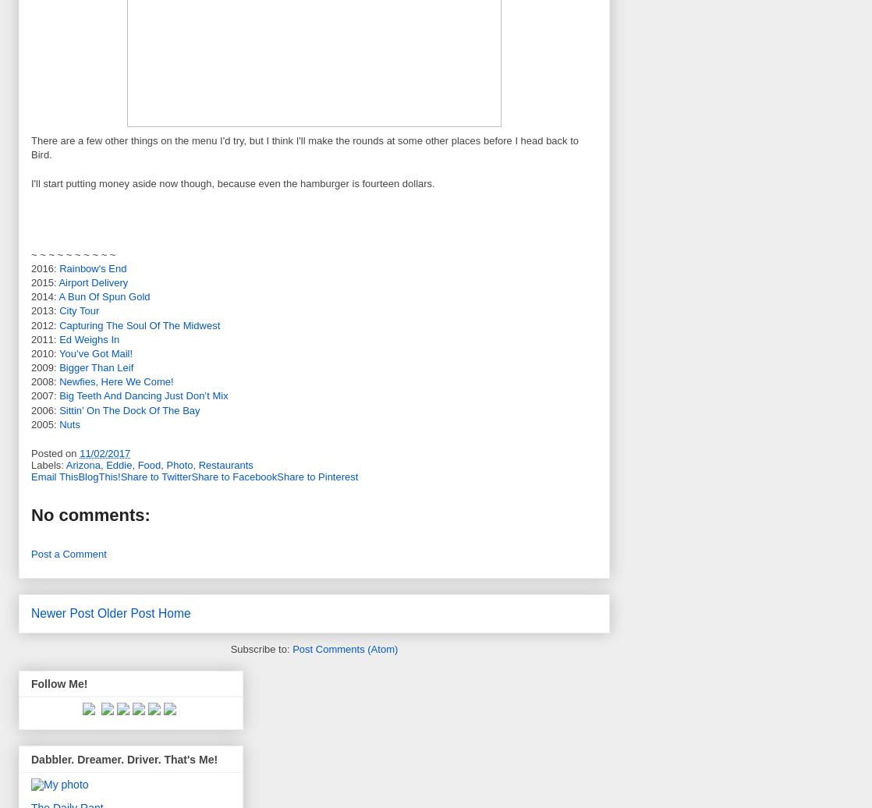 The height and width of the screenshot is (808, 872). What do you see at coordinates (79, 310) in the screenshot?
I see `'City Tour'` at bounding box center [79, 310].